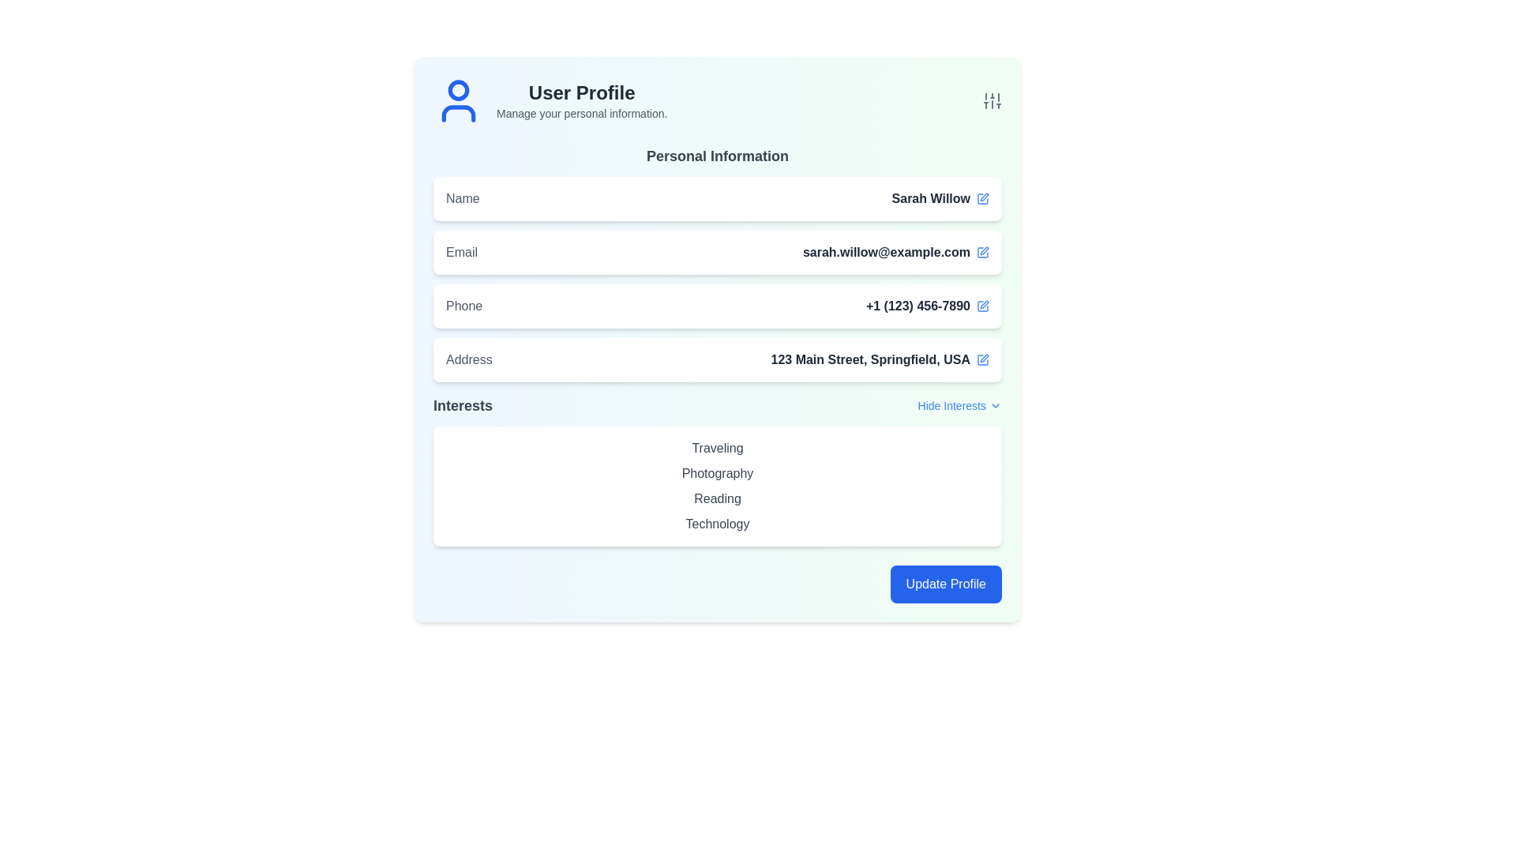  What do you see at coordinates (984, 304) in the screenshot?
I see `the edit button located to the right of the 'Address' field` at bounding box center [984, 304].